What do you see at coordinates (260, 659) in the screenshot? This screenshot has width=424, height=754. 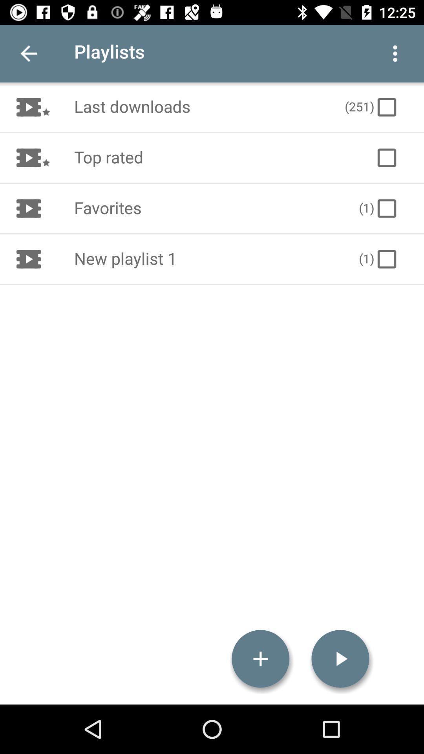 I see `the add icon` at bounding box center [260, 659].